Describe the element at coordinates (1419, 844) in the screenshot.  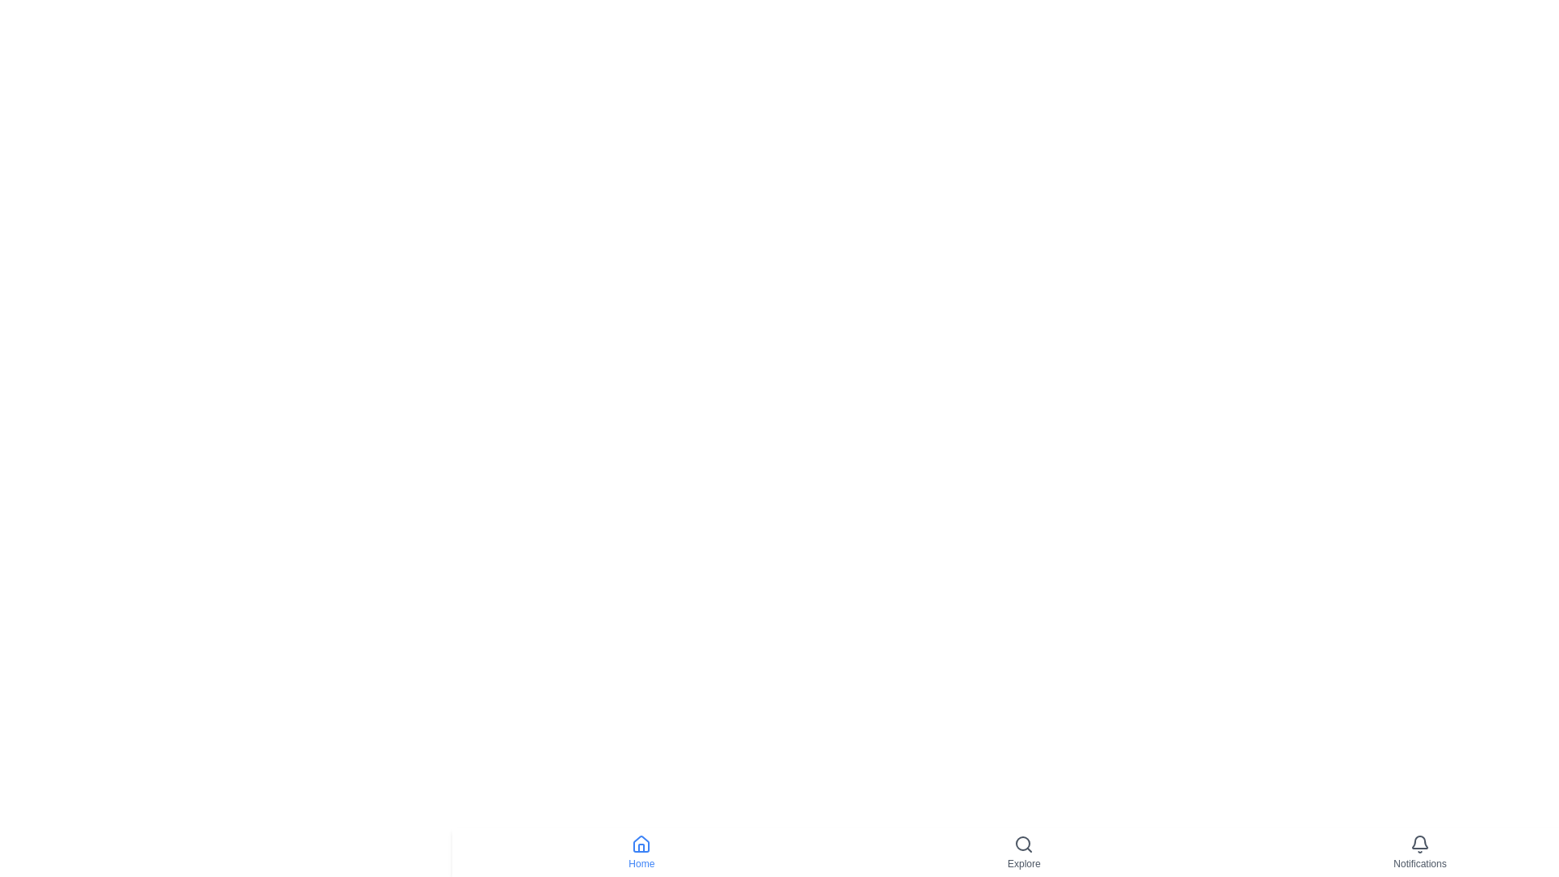
I see `the bell icon in the Notifications section at the bottom right of the interface` at that location.